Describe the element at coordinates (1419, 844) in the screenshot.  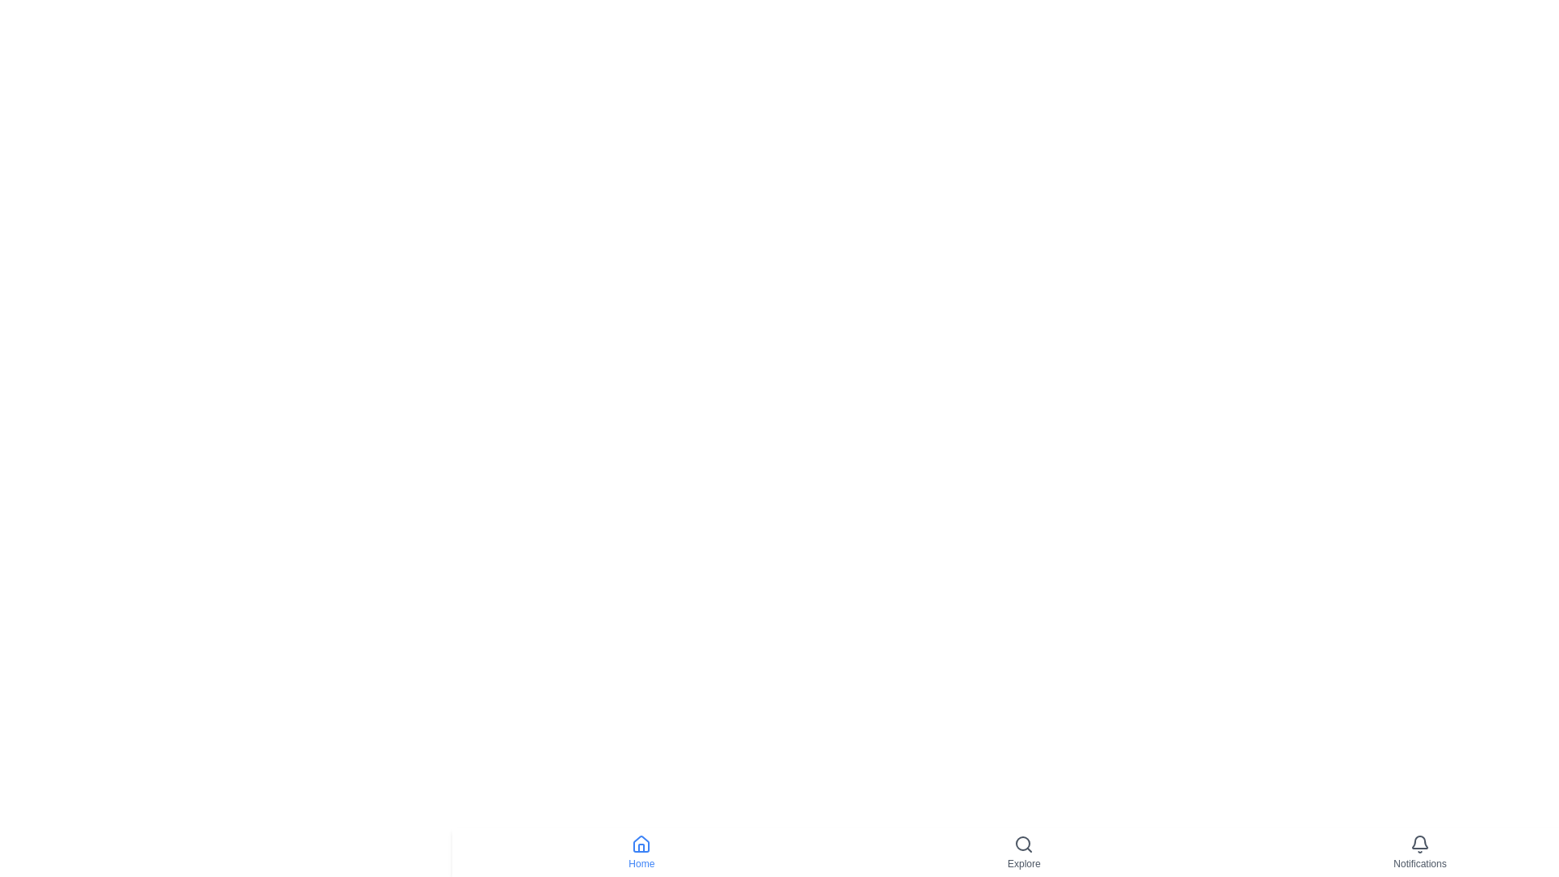
I see `the bell icon in the Notifications section at the bottom right of the interface` at that location.